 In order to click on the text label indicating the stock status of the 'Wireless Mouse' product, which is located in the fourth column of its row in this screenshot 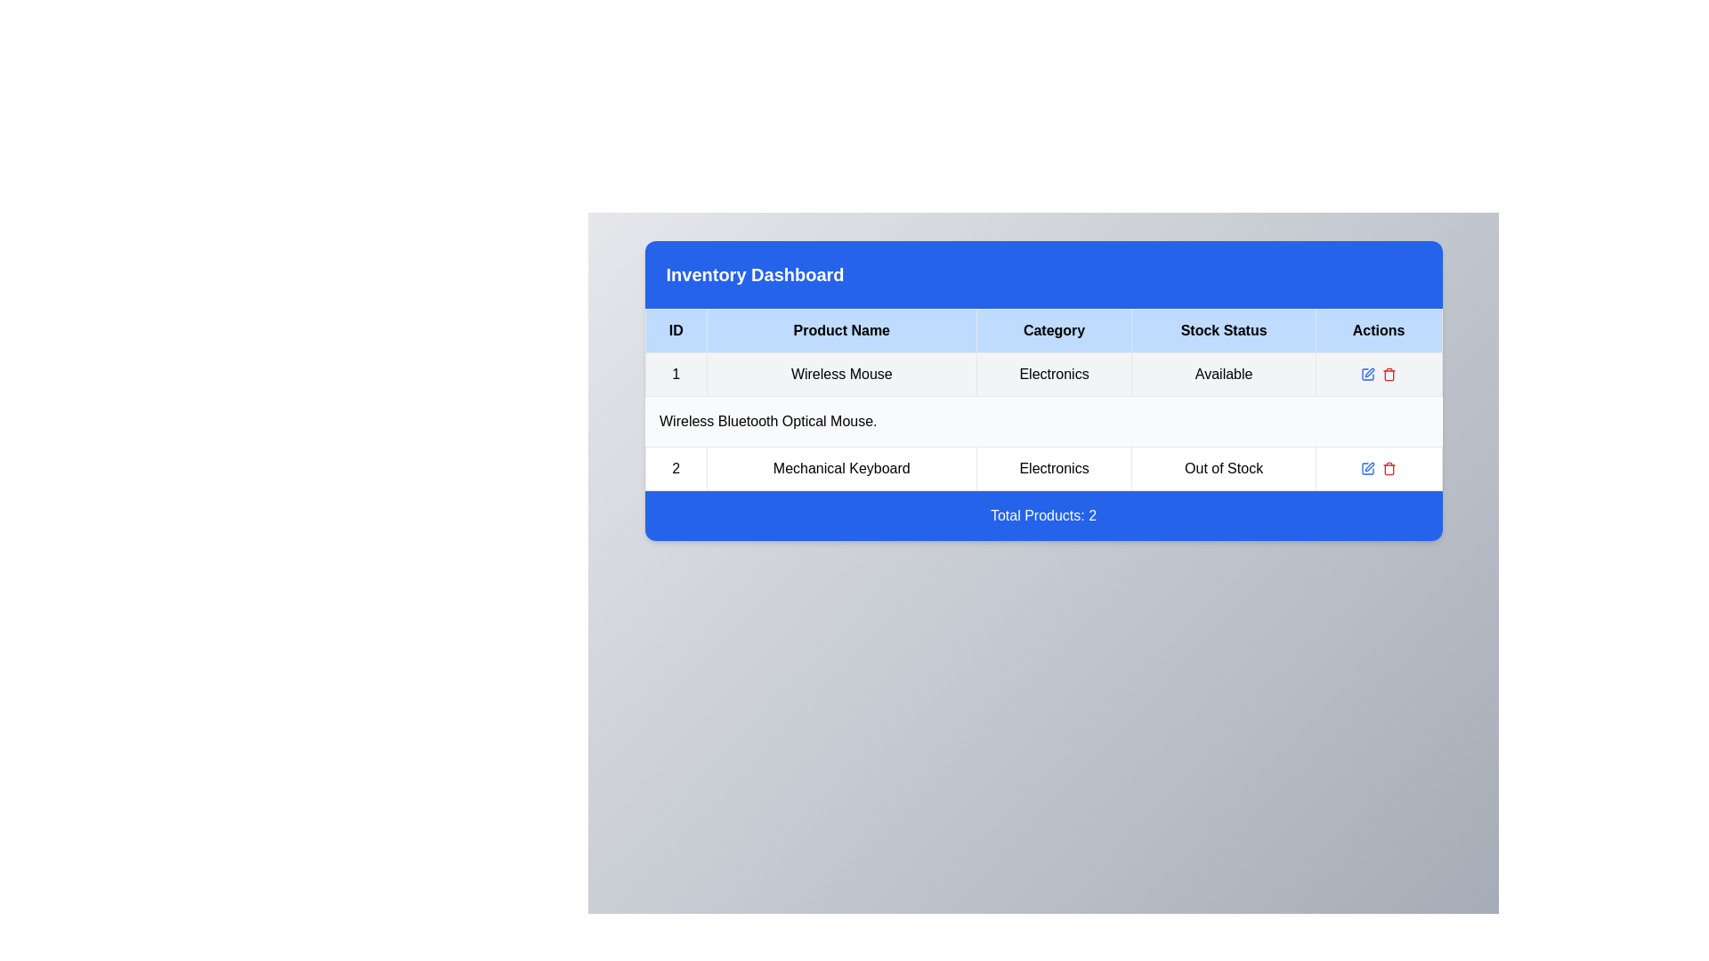, I will do `click(1223, 373)`.